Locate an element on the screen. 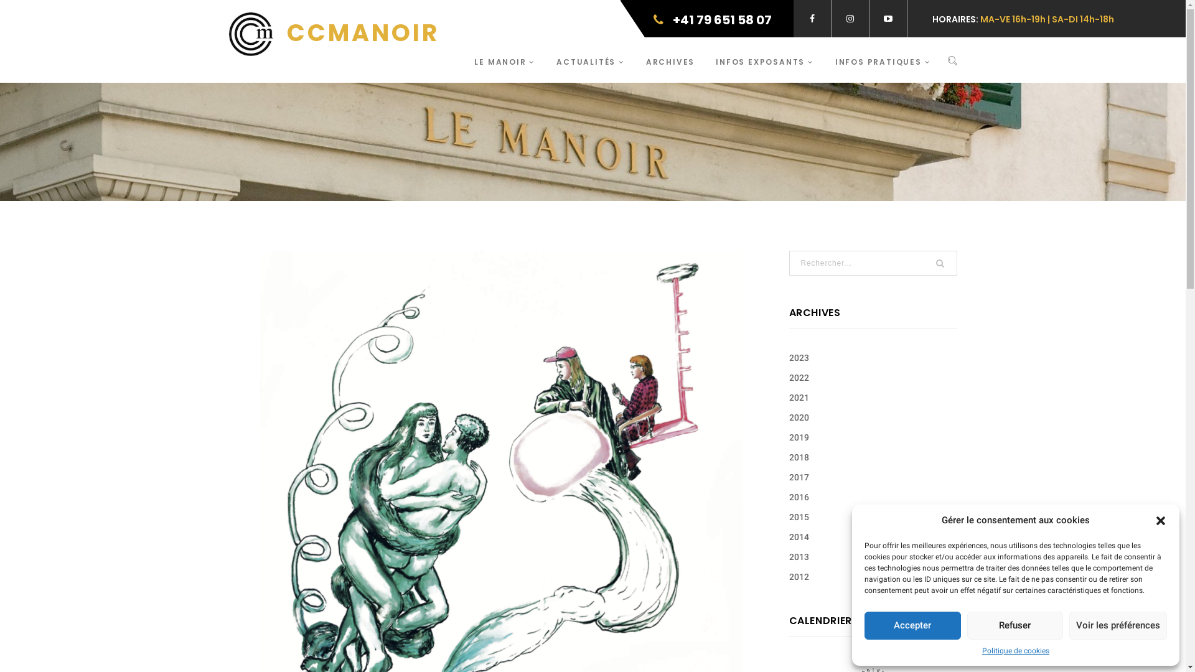 This screenshot has width=1195, height=672. 'INFOS PRATIQUES' is located at coordinates (883, 60).